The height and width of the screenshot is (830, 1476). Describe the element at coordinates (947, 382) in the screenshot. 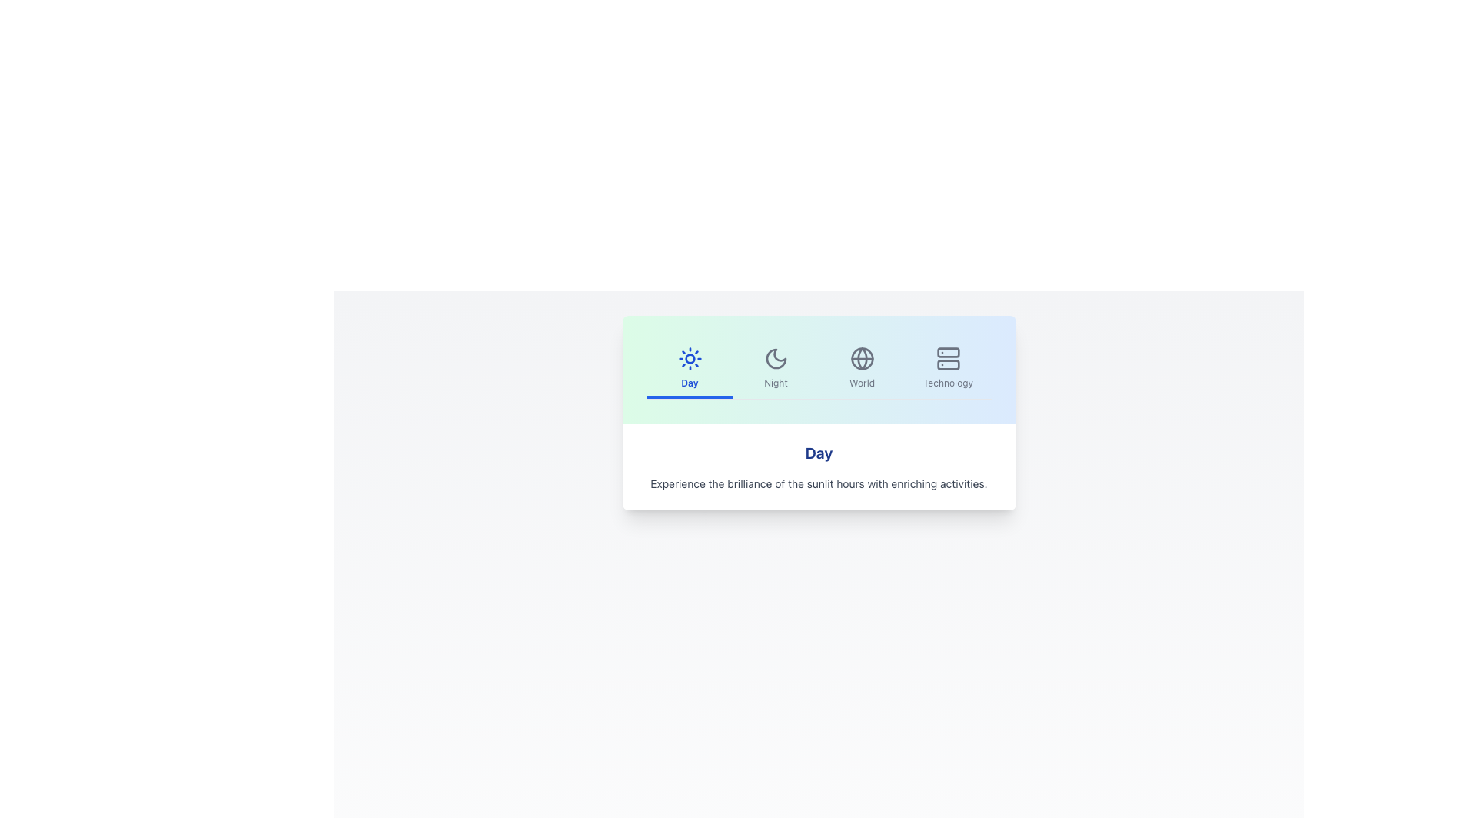

I see `the text label displaying the word 'Technology', which is located below a server icon in the top-right section of the navigation bar` at that location.